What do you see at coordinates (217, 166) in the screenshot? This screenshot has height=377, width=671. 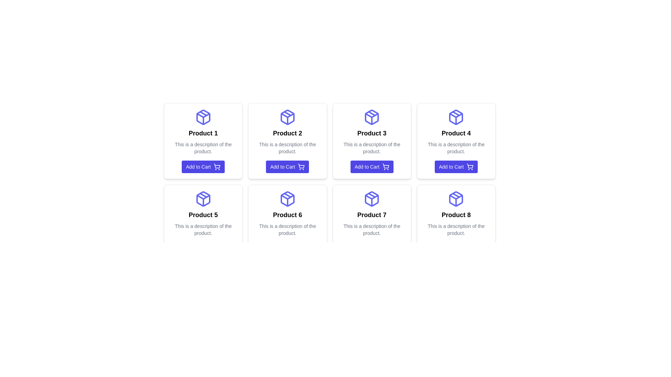 I see `the shopping cart SVG icon located inside the 'Add to Cart' button beneath 'Product 1'` at bounding box center [217, 166].